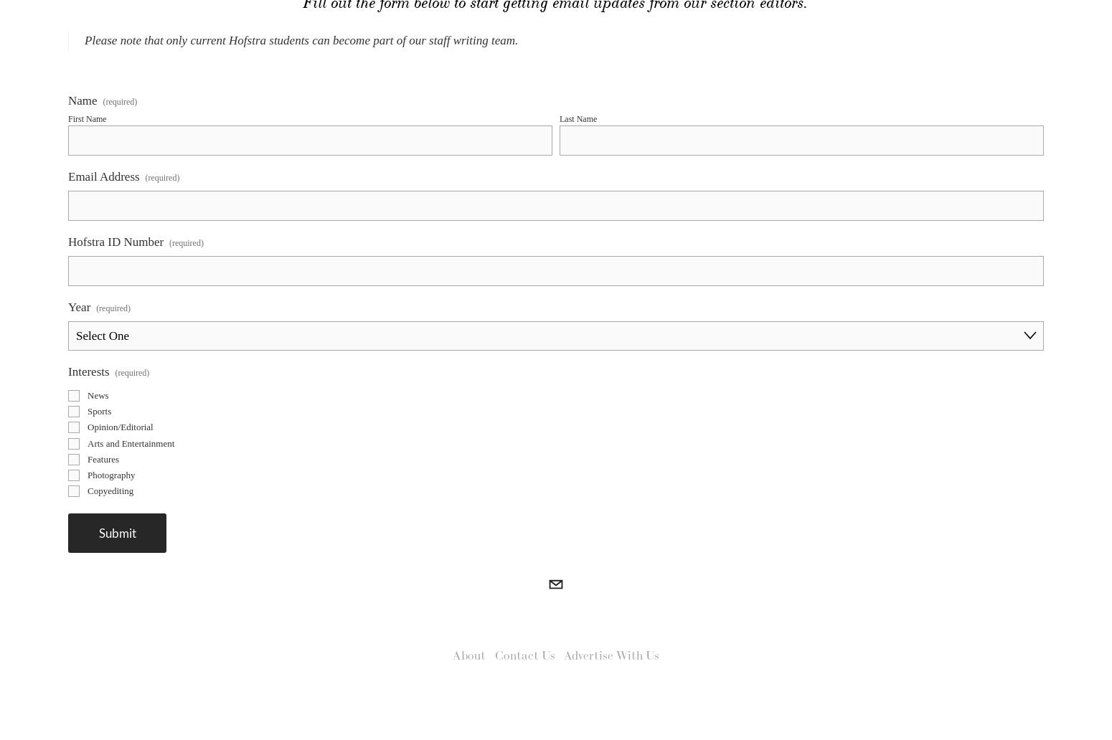  I want to click on 'Email Address', so click(103, 204).